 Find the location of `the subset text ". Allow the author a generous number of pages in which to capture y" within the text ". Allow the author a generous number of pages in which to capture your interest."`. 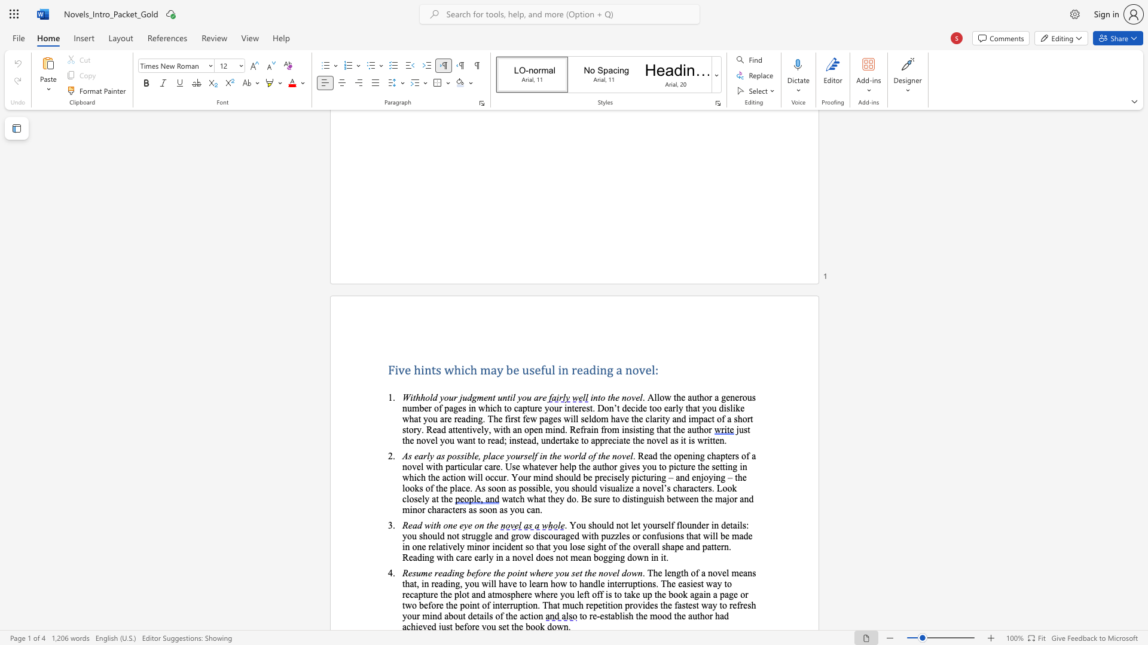

the subset text ". Allow the author a generous number of pages in which to capture y" within the text ". Allow the author a generous number of pages in which to capture your interest." is located at coordinates (642, 397).